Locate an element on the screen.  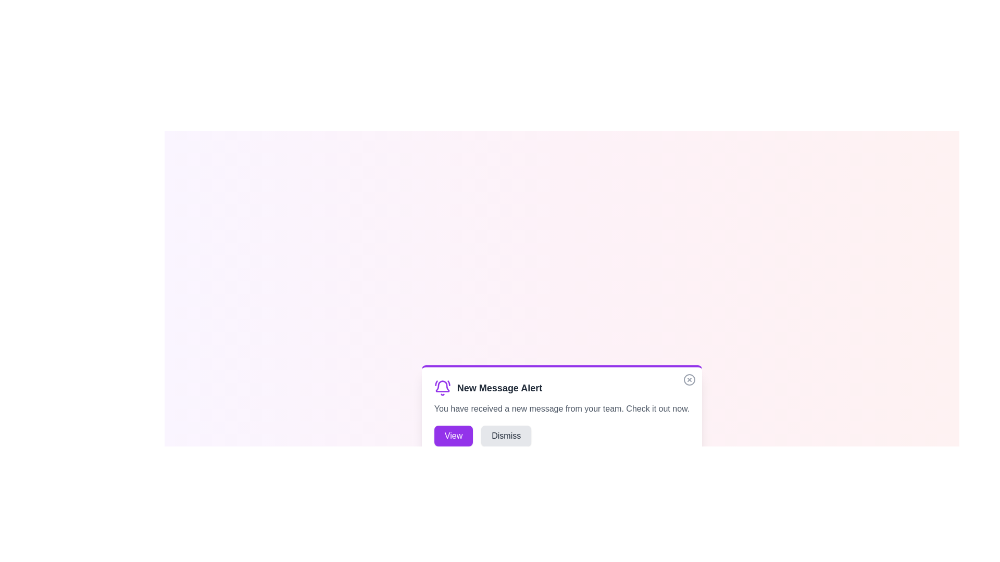
'View' button to view the message details is located at coordinates (453, 436).